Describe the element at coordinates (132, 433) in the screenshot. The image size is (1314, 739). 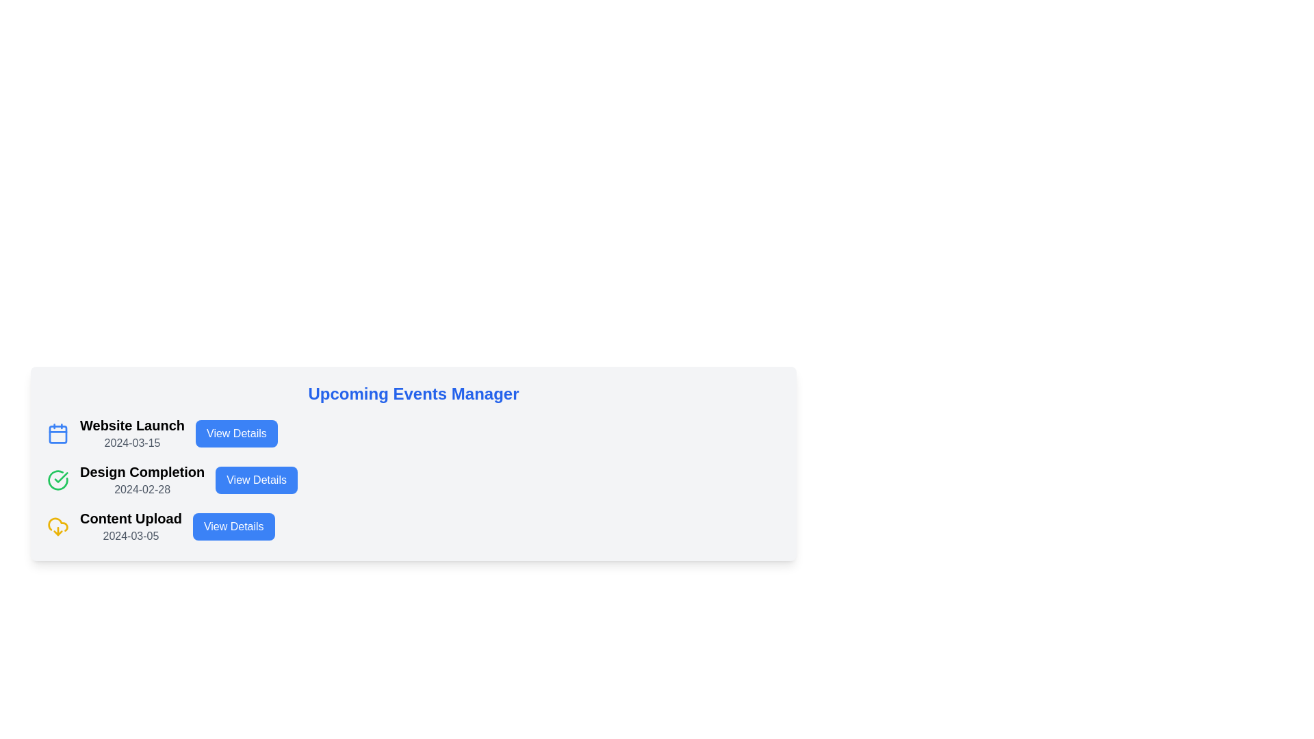
I see `text content of the first entry in the 'Upcoming Events Manager' section, which displays the title 'Website Launch' and the date '2024-03-15'` at that location.